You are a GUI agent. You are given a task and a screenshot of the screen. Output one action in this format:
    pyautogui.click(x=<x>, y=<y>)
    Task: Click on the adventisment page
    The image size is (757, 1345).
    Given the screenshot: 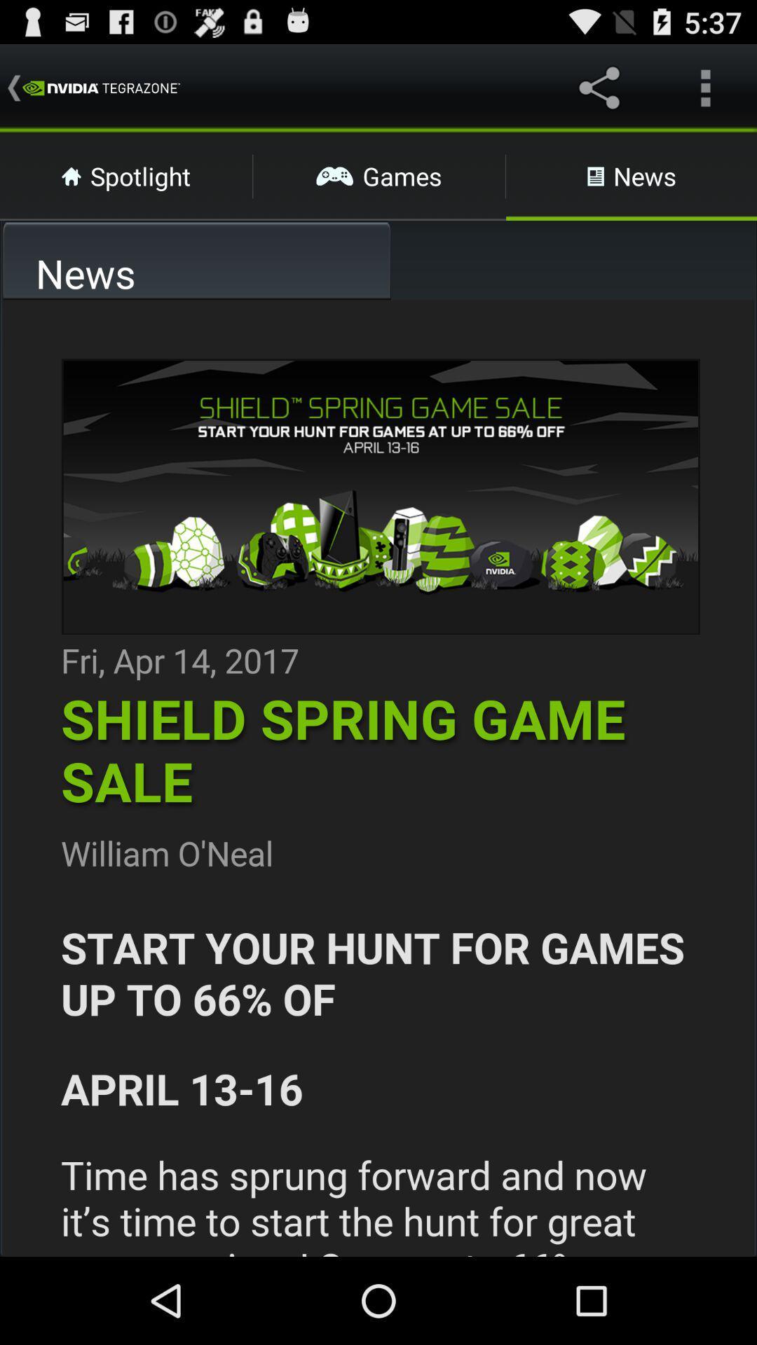 What is the action you would take?
    pyautogui.click(x=378, y=778)
    